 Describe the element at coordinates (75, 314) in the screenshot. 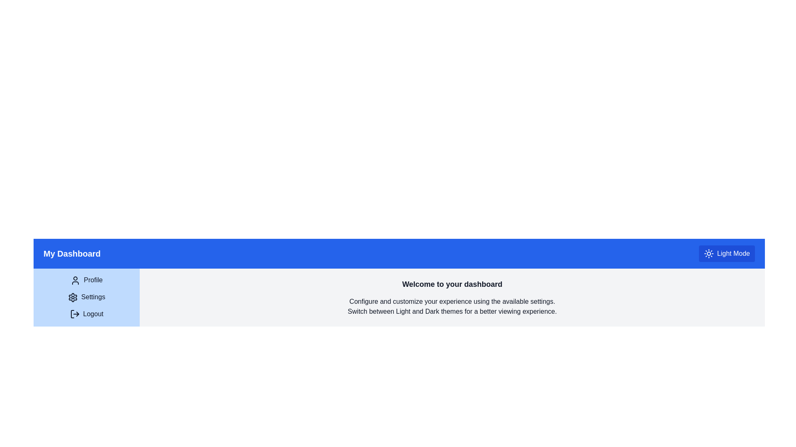

I see `the logout icon located to the left of the 'Logout' text in the left sidebar navigation menu to use it as a visual indicator for logout functionality` at that location.